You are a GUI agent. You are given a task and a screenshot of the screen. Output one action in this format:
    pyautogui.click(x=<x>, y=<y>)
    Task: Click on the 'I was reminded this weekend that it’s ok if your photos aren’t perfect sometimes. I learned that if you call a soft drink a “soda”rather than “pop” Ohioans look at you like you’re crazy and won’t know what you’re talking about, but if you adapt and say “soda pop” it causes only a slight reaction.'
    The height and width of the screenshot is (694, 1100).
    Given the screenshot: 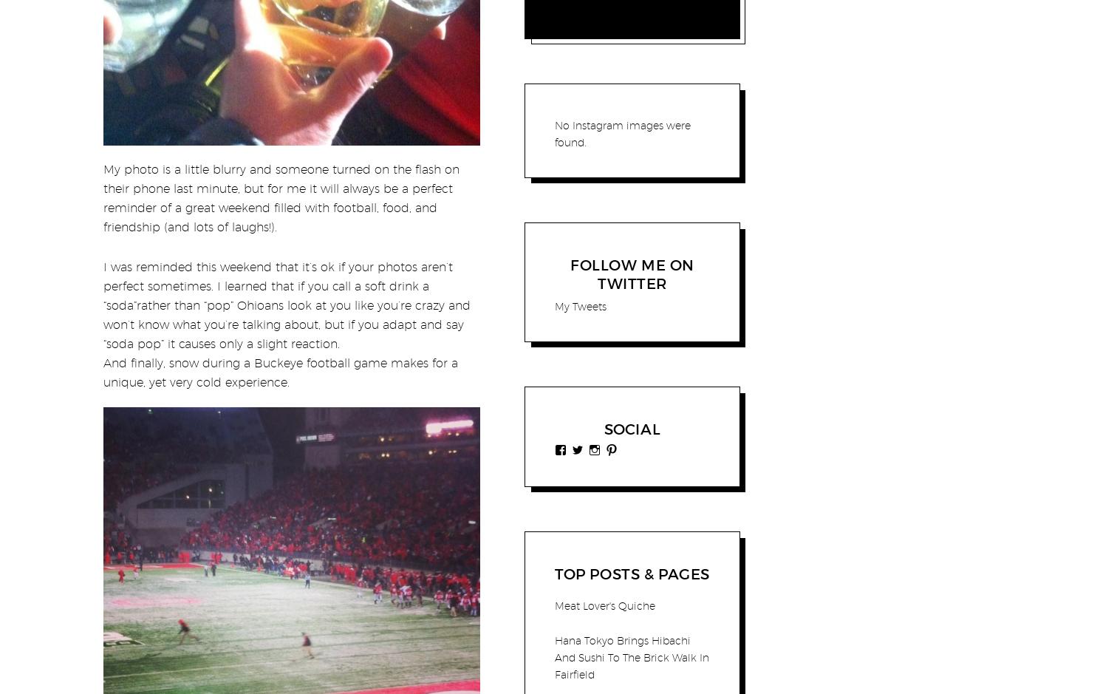 What is the action you would take?
    pyautogui.click(x=286, y=304)
    